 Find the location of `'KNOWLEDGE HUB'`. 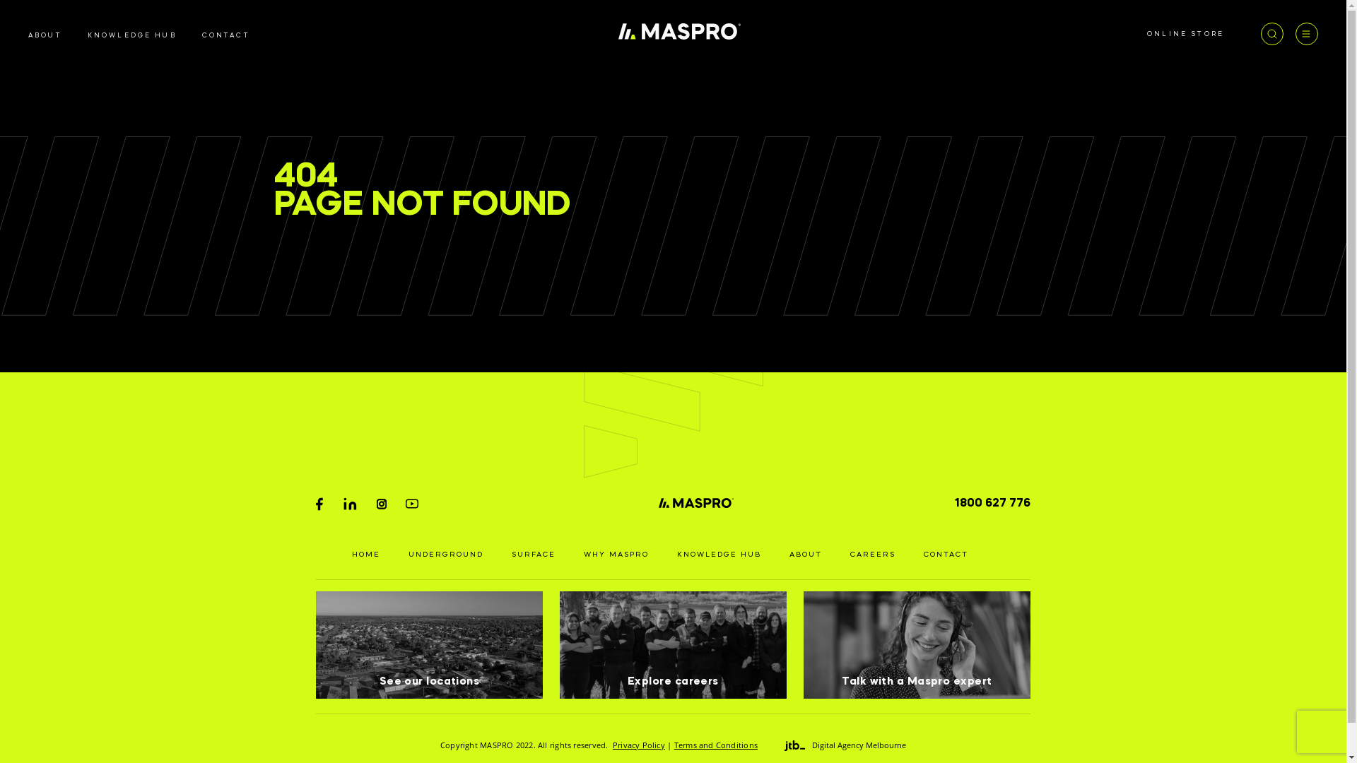

'KNOWLEDGE HUB' is located at coordinates (132, 35).